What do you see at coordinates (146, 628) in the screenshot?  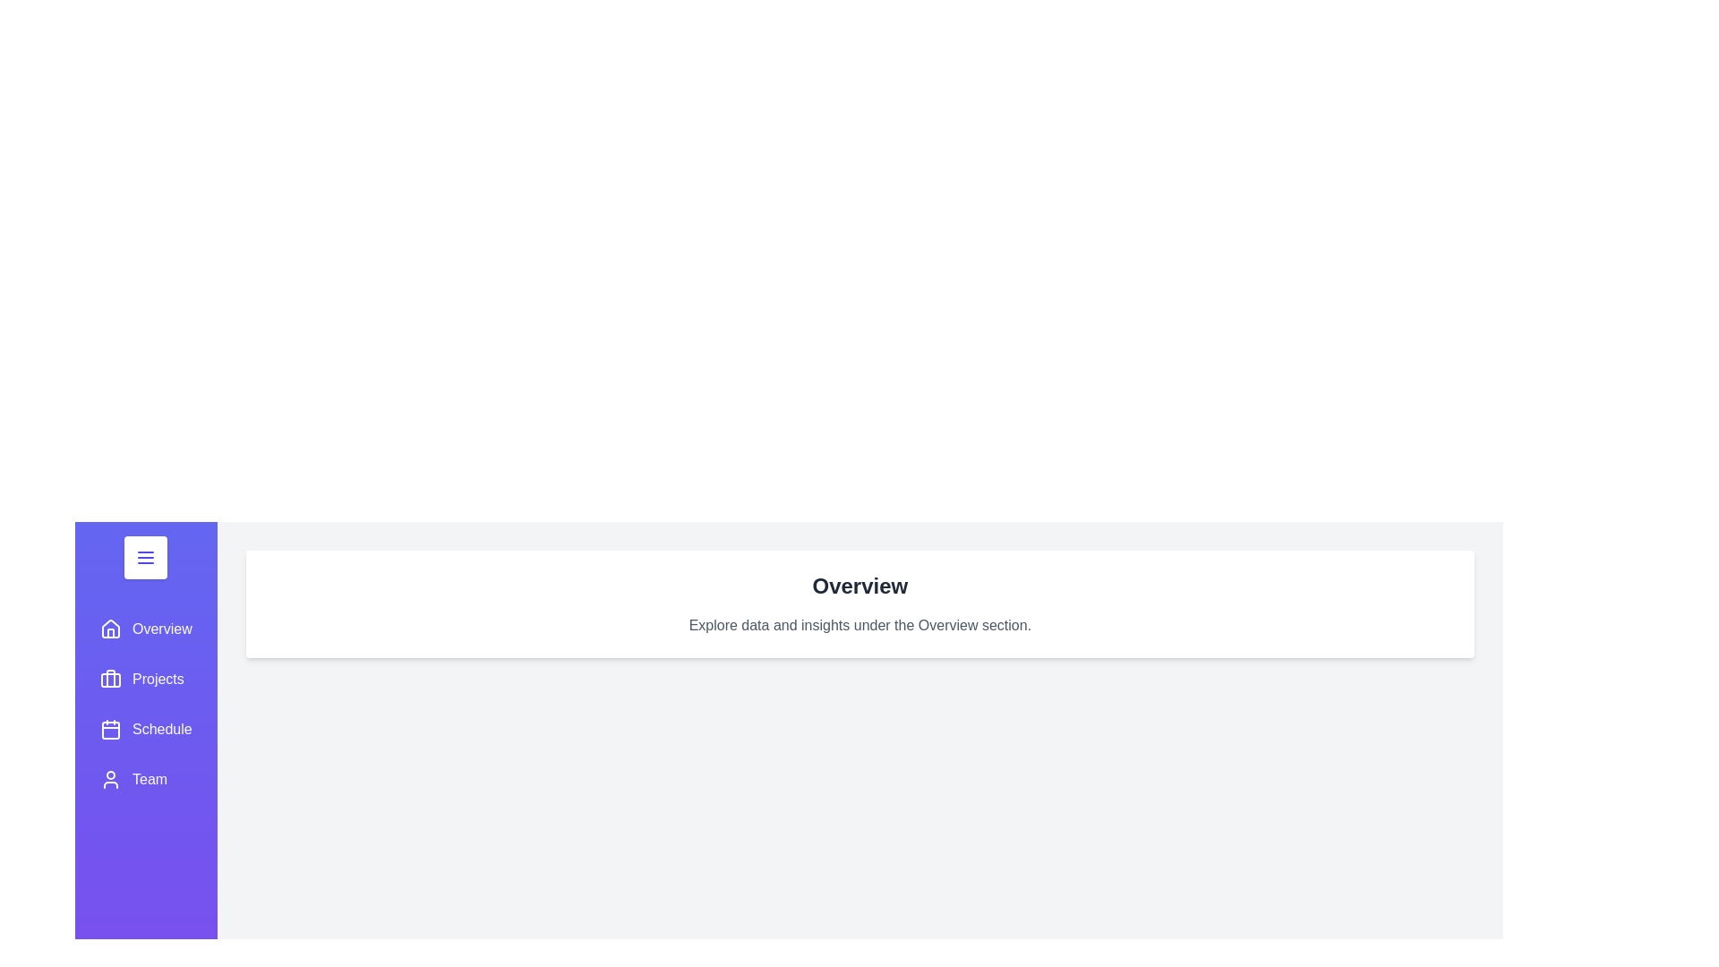 I see `the sidebar section labeled Overview` at bounding box center [146, 628].